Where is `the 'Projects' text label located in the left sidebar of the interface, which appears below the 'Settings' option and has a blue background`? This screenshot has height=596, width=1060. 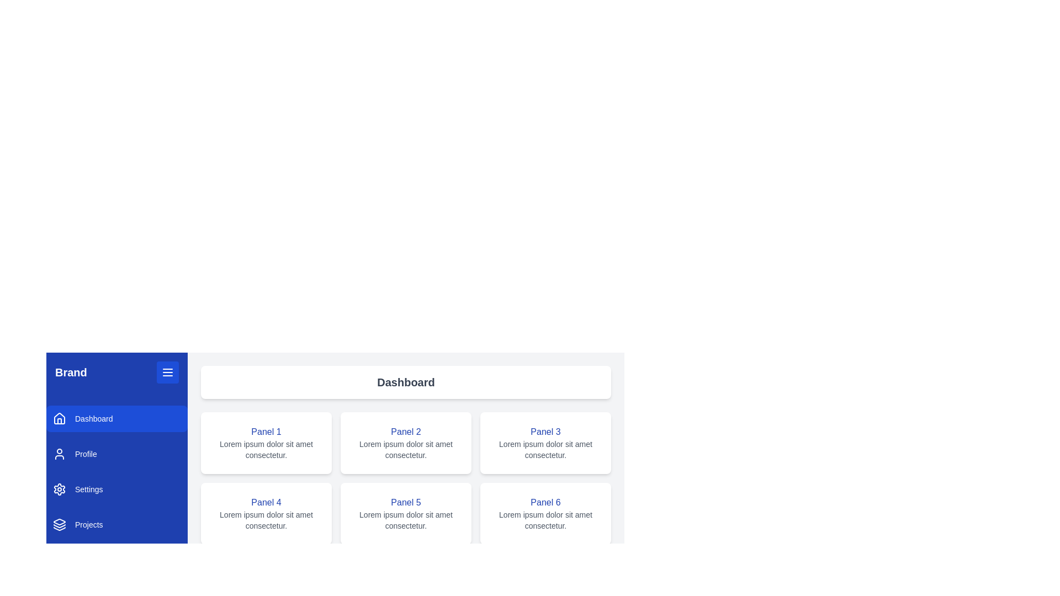
the 'Projects' text label located in the left sidebar of the interface, which appears below the 'Settings' option and has a blue background is located at coordinates (89, 524).